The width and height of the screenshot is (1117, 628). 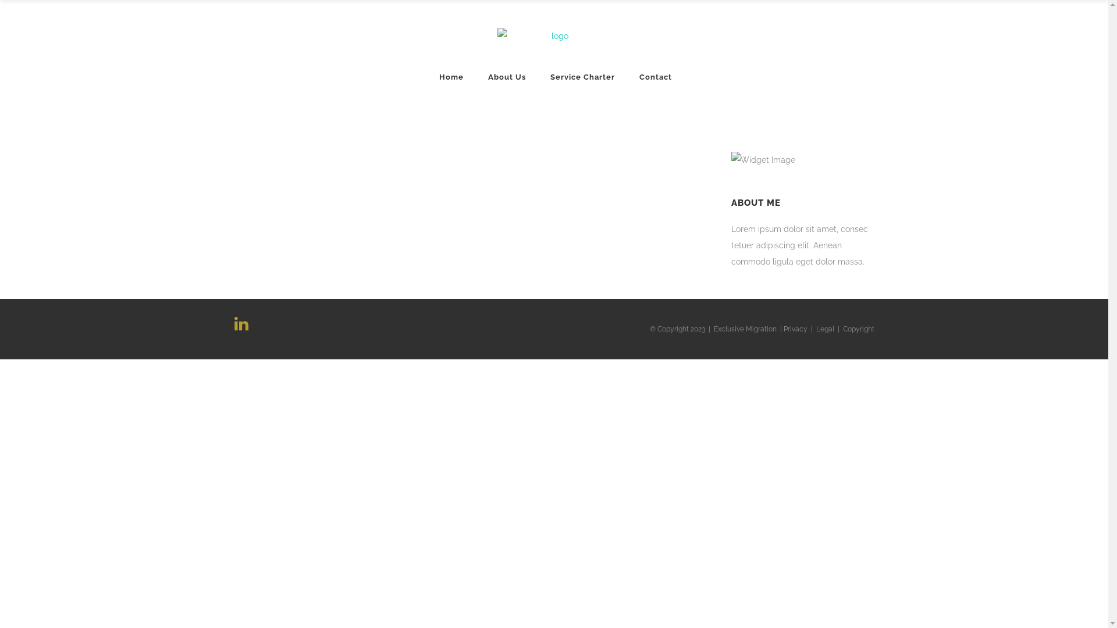 What do you see at coordinates (824, 329) in the screenshot?
I see `'Legal'` at bounding box center [824, 329].